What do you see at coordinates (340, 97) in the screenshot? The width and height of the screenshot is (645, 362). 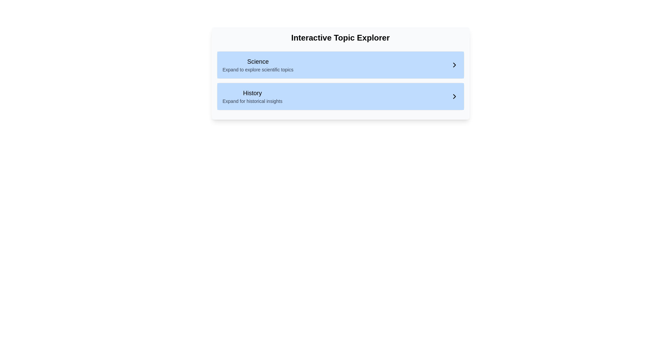 I see `the button positioned below the 'Science' section` at bounding box center [340, 97].